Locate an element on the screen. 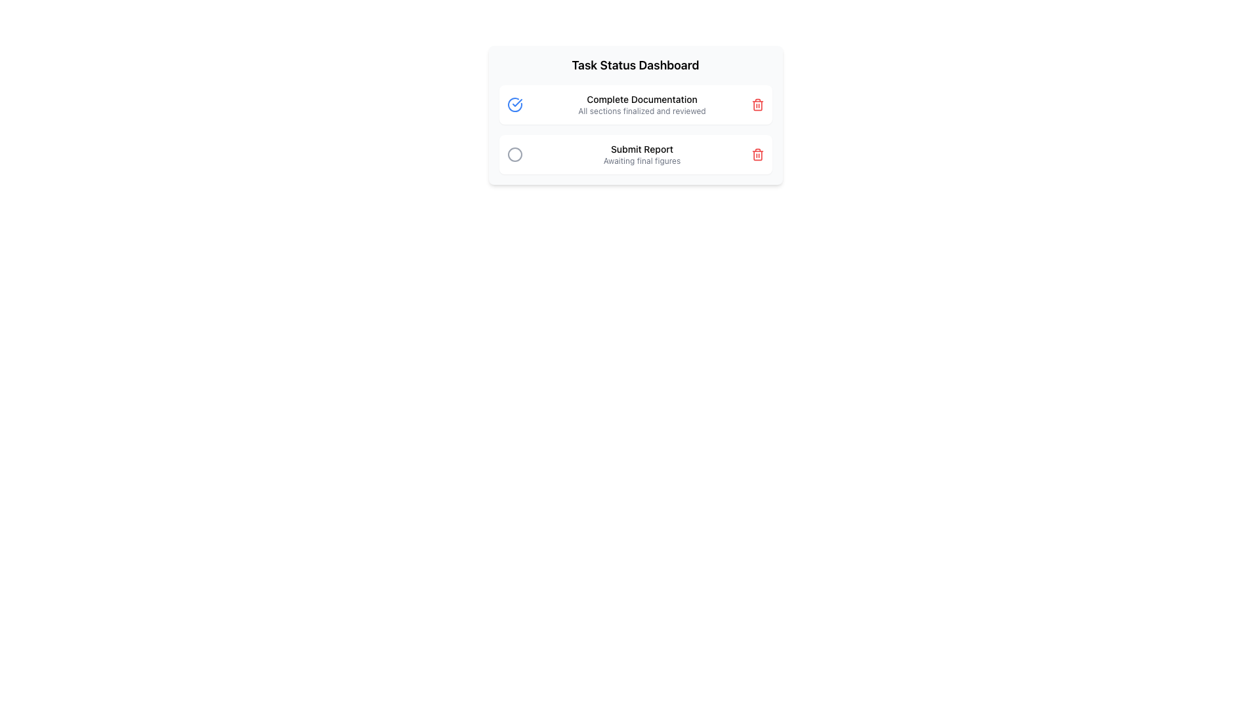 The height and width of the screenshot is (708, 1260). text from the central textual block titled 'Complete Documentation' with the description 'All sections finalized and reviewed' located in the first card of the 'Task Status Dashboard' is located at coordinates (642, 104).